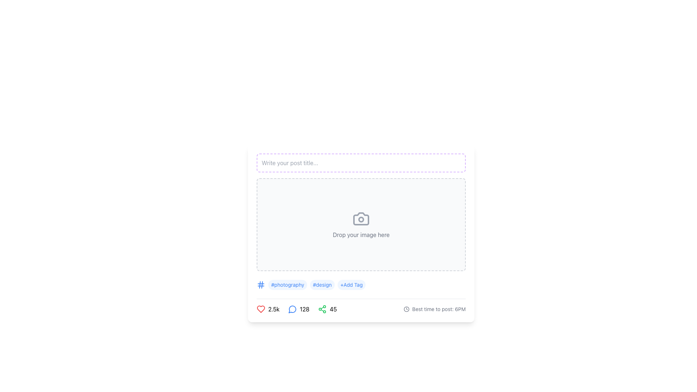 Image resolution: width=697 pixels, height=392 pixels. What do you see at coordinates (361, 285) in the screenshot?
I see `the '#photography' tag` at bounding box center [361, 285].